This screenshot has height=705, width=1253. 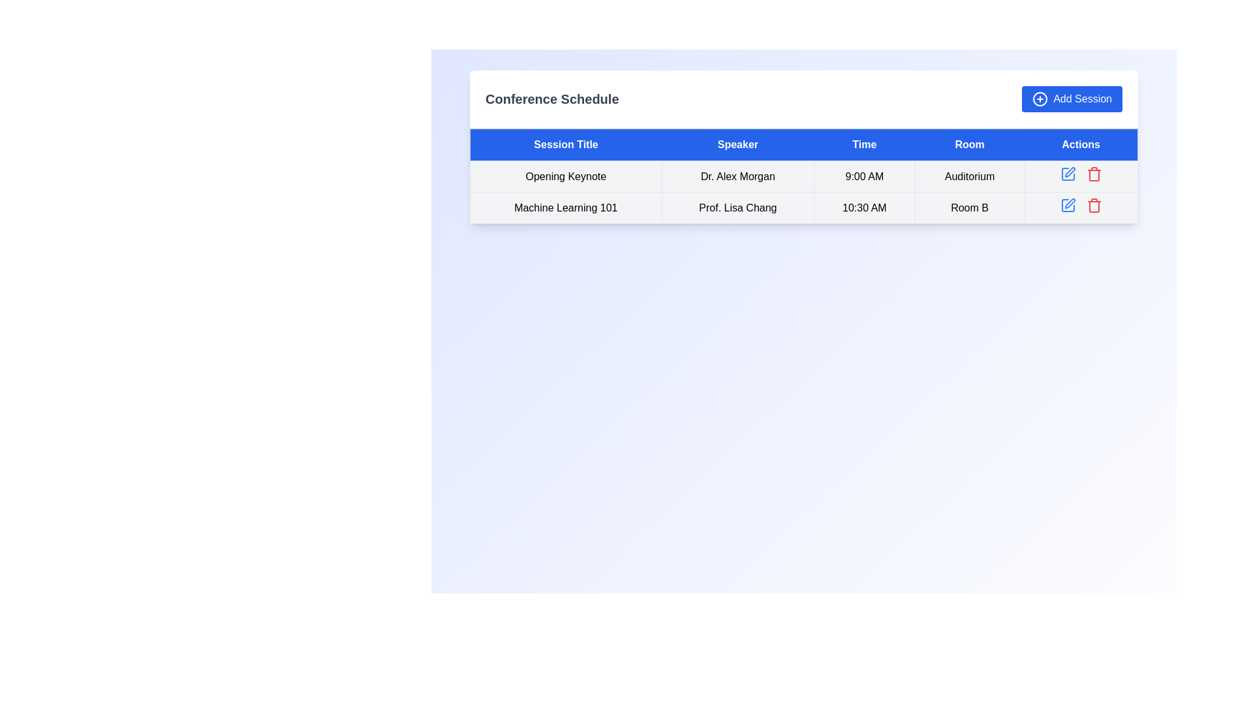 I want to click on the blue rounded button labeled 'Add Session' located in the upper right corner of the 'Conference Schedule' section, so click(x=1072, y=98).